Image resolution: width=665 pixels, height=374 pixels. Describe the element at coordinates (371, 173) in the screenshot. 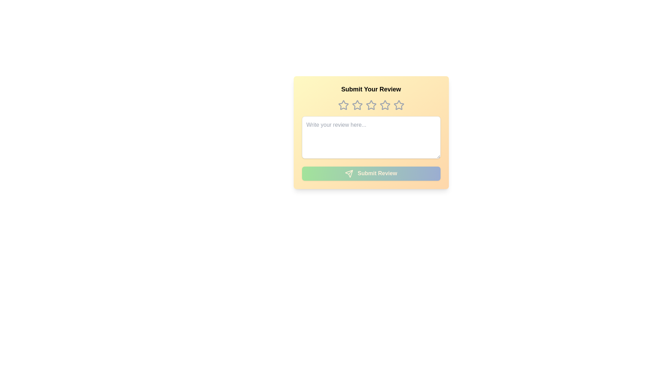

I see `the 'Submit' button located at the bottom of the 'Submit Your Review' card to attempt a submission, despite it being currently disabled` at that location.